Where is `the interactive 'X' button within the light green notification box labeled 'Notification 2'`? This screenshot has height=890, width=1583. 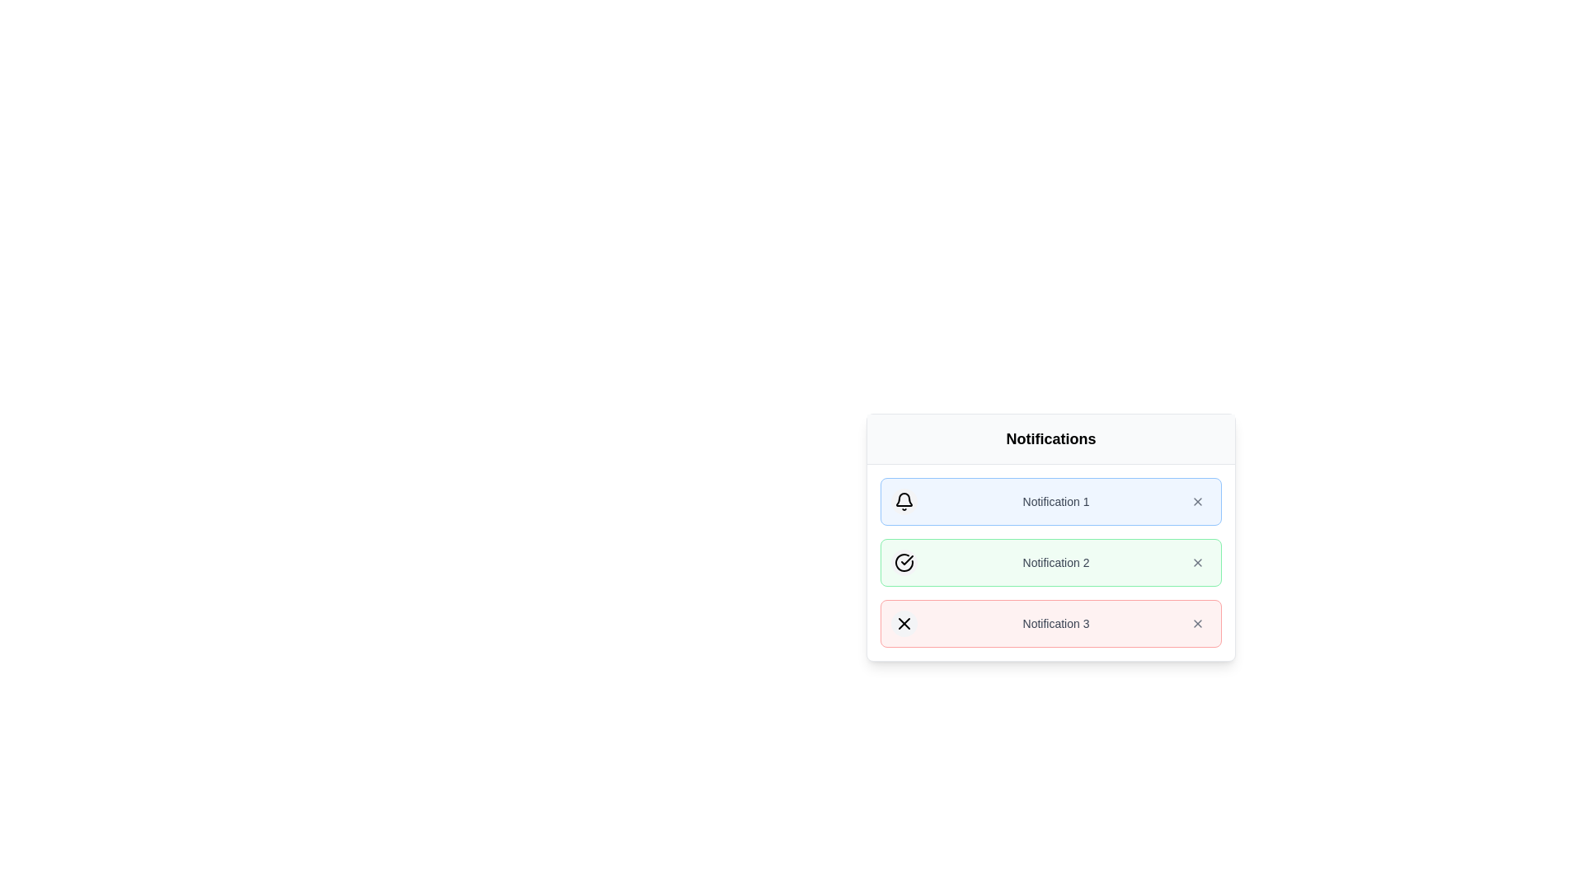
the interactive 'X' button within the light green notification box labeled 'Notification 2' is located at coordinates (1198, 561).